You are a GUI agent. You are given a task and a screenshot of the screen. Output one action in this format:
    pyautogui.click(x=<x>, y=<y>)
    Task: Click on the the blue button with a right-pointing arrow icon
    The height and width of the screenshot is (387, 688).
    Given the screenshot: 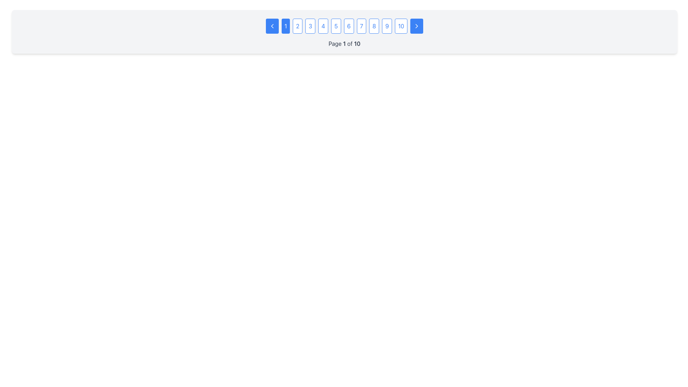 What is the action you would take?
    pyautogui.click(x=416, y=26)
    